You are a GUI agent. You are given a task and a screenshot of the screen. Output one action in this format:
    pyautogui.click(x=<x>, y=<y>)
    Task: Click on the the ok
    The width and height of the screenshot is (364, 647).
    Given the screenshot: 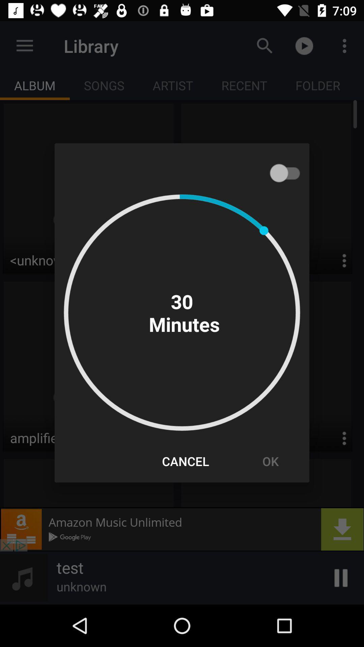 What is the action you would take?
    pyautogui.click(x=270, y=461)
    